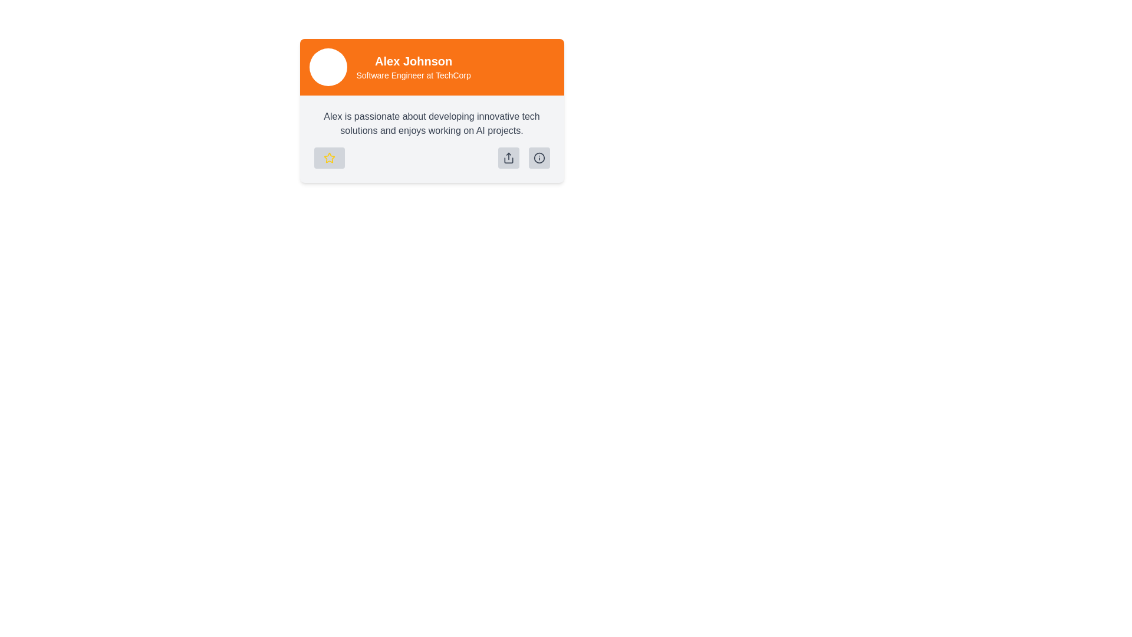 The image size is (1132, 637). I want to click on the text block containing the name 'Alex Johnson' and title 'Software Engineer at TechCorp', so click(413, 67).